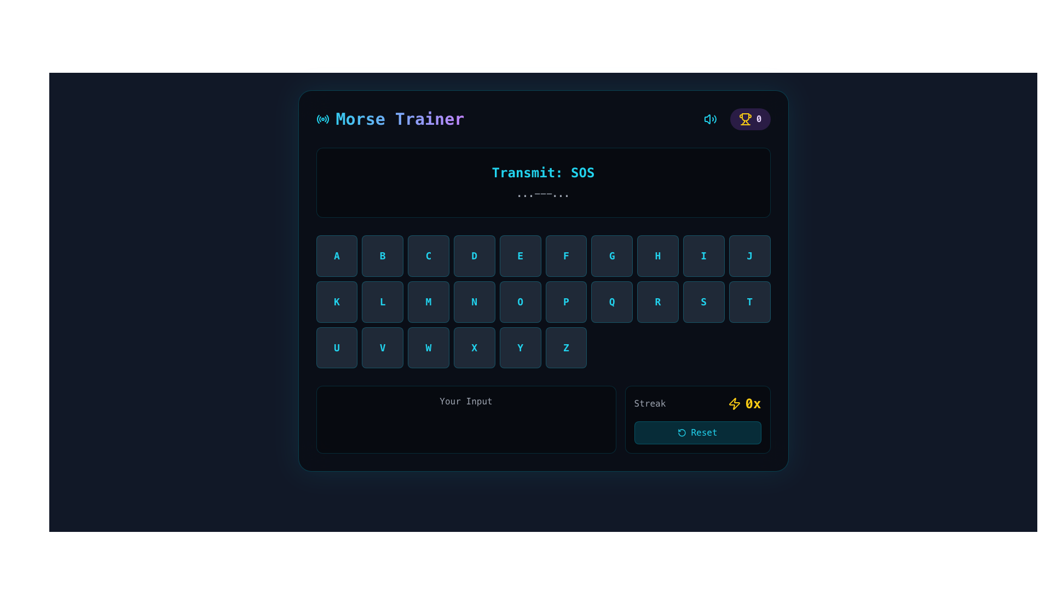  Describe the element at coordinates (543, 172) in the screenshot. I see `displayed text from the text label showing 'Transmit: SOS', which is a bold and large cyan-blue font located above the Morse code symbols` at that location.